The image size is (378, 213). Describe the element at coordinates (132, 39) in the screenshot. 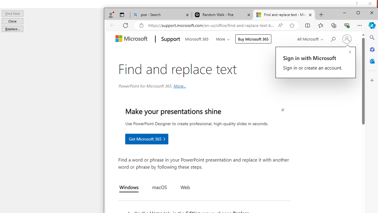

I see `'Microsoft'` at that location.